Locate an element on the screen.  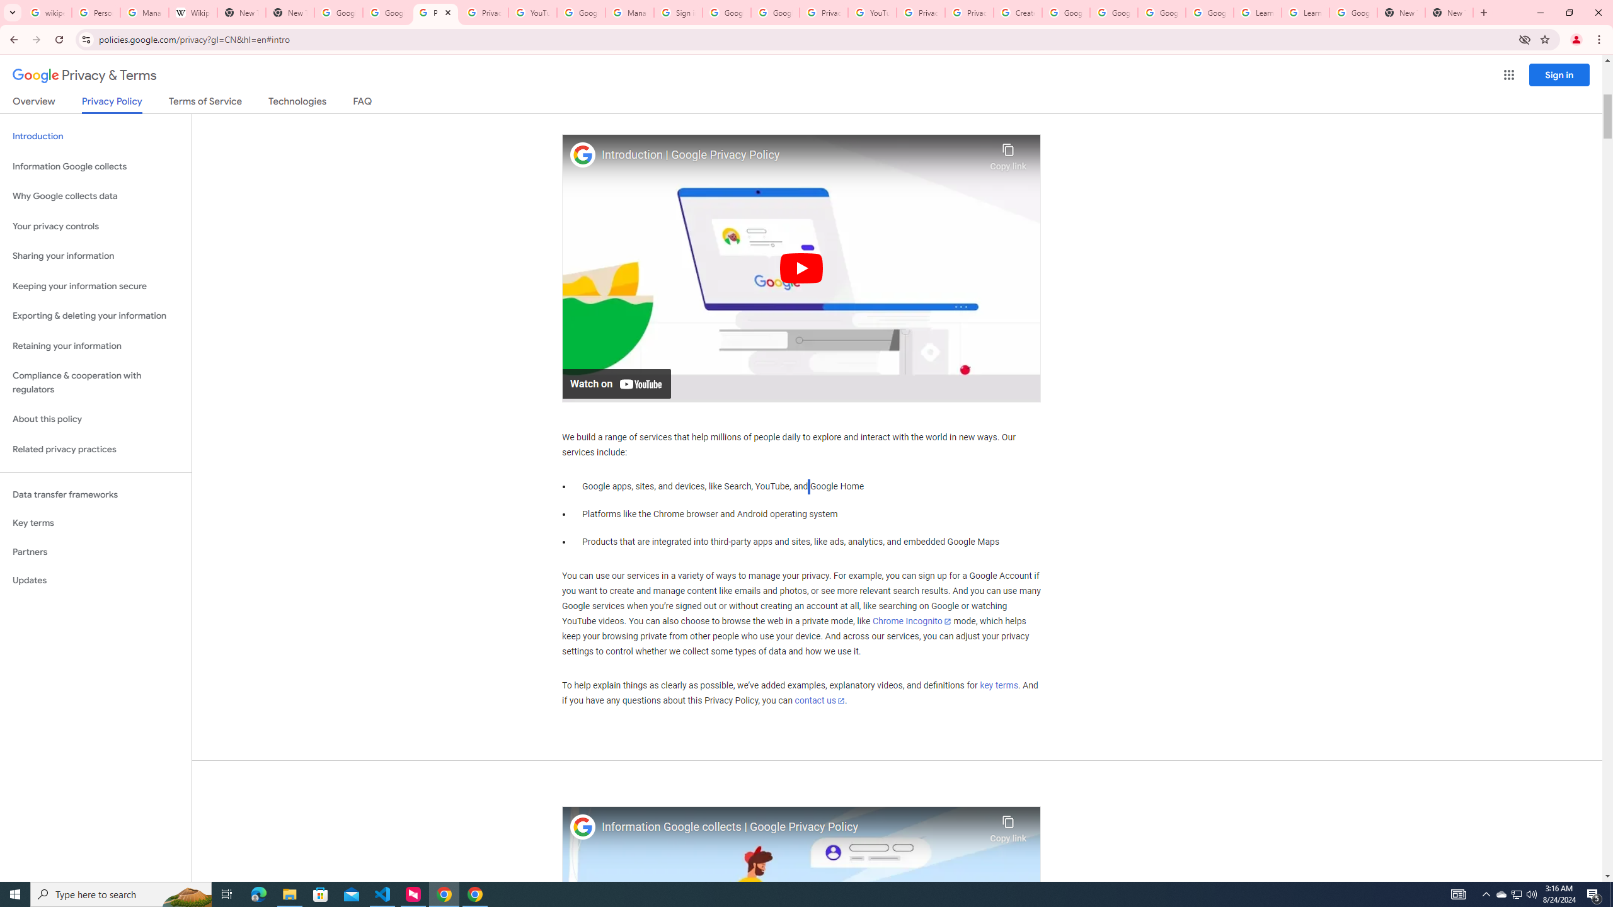
'Google Account Help' is located at coordinates (1065, 12).